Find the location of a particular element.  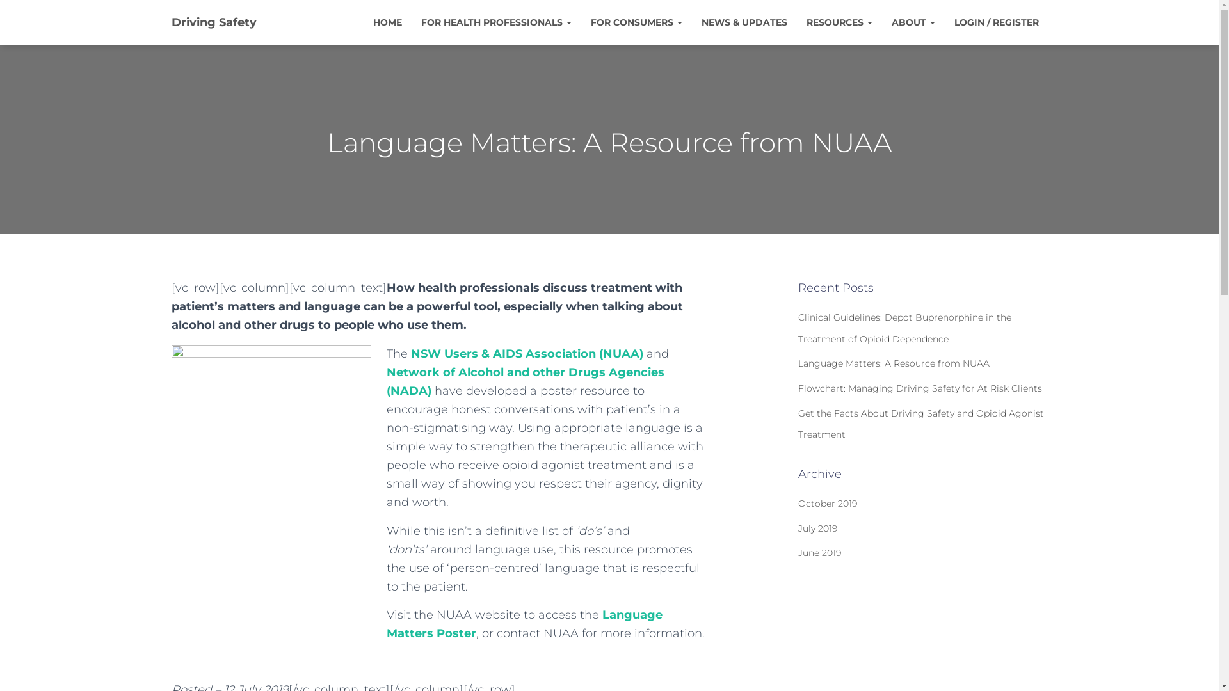

'Driving Safety' is located at coordinates (213, 22).